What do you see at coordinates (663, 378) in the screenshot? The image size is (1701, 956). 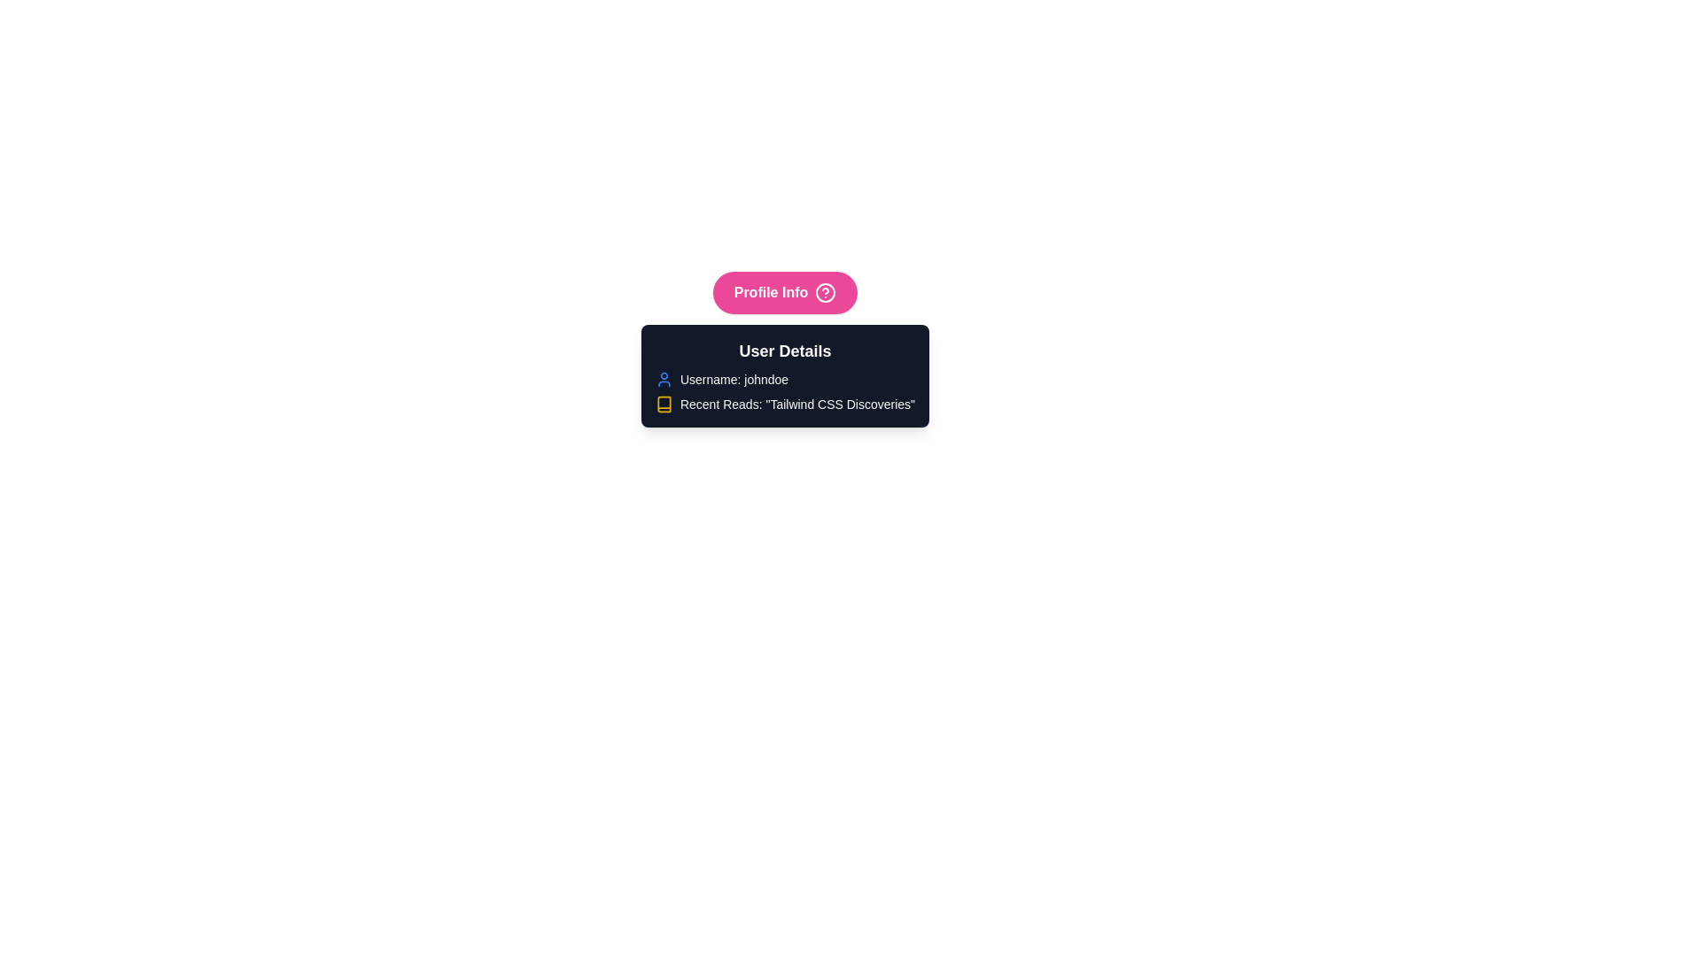 I see `the user profile icon located to the left of the username text 'Username: johndoe' in the 'User Details' section` at bounding box center [663, 378].